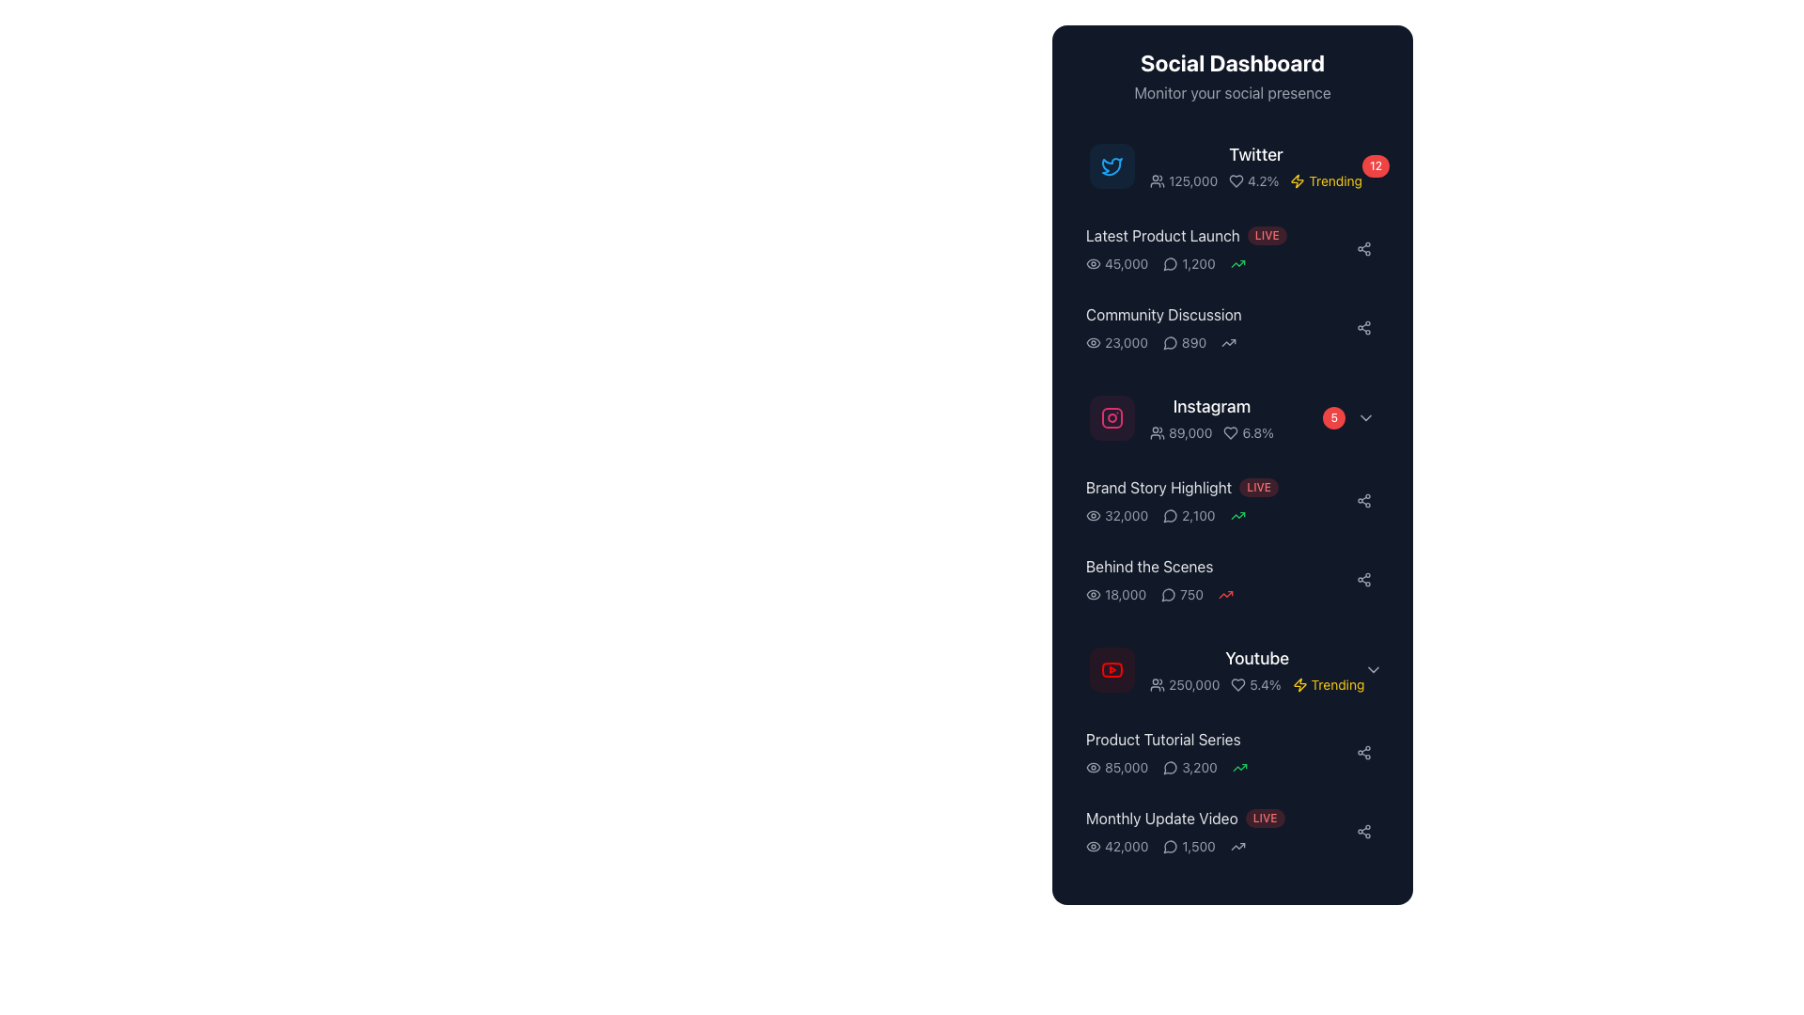 The image size is (1804, 1015). What do you see at coordinates (1218, 264) in the screenshot?
I see `the Information Display Row in the 'Latest Product Launch' section that shows views, comments, and trends, which includes numerical values and icons` at bounding box center [1218, 264].